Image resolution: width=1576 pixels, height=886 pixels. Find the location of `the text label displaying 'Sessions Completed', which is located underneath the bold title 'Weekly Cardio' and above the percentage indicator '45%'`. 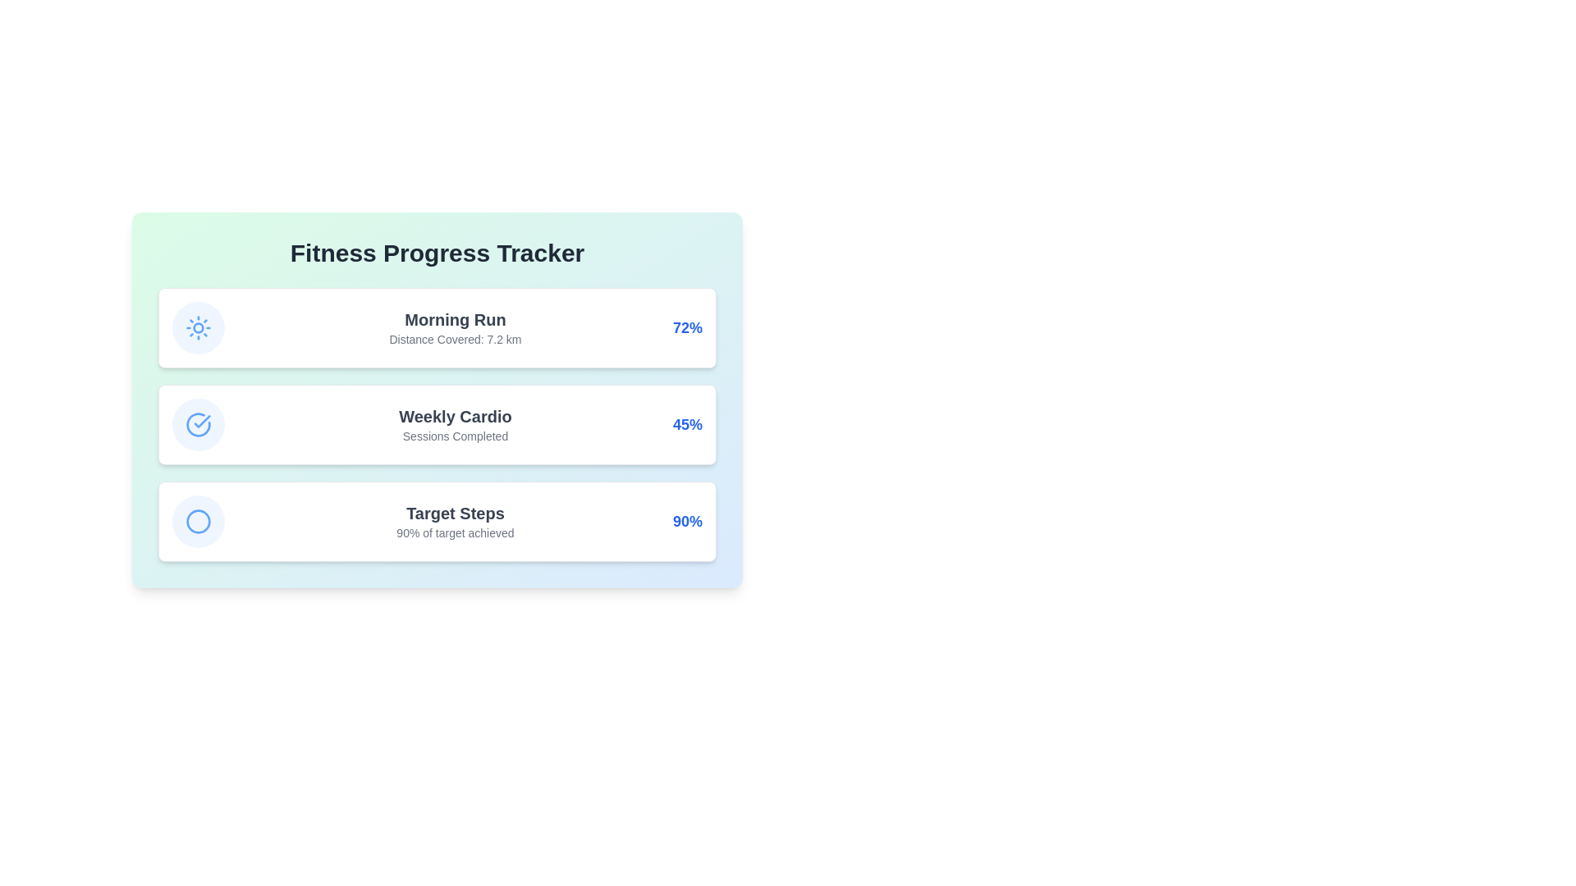

the text label displaying 'Sessions Completed', which is located underneath the bold title 'Weekly Cardio' and above the percentage indicator '45%' is located at coordinates (456, 436).